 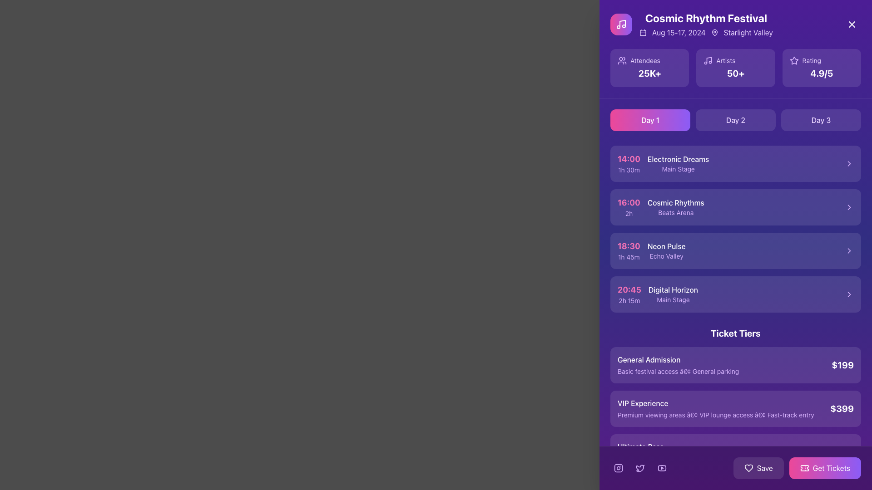 I want to click on the combined text label indicating the start time ('16:00') and duration ('2h') of the 'Cosmic Rhythms' event in the timetable, located at the top-left of the event section, so click(x=628, y=207).